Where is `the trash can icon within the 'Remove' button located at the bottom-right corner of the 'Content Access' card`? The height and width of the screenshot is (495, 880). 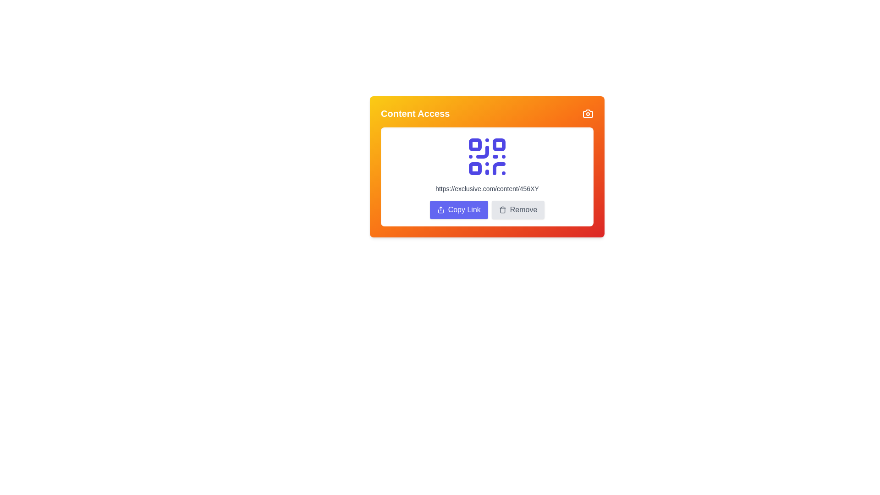 the trash can icon within the 'Remove' button located at the bottom-right corner of the 'Content Access' card is located at coordinates (502, 210).